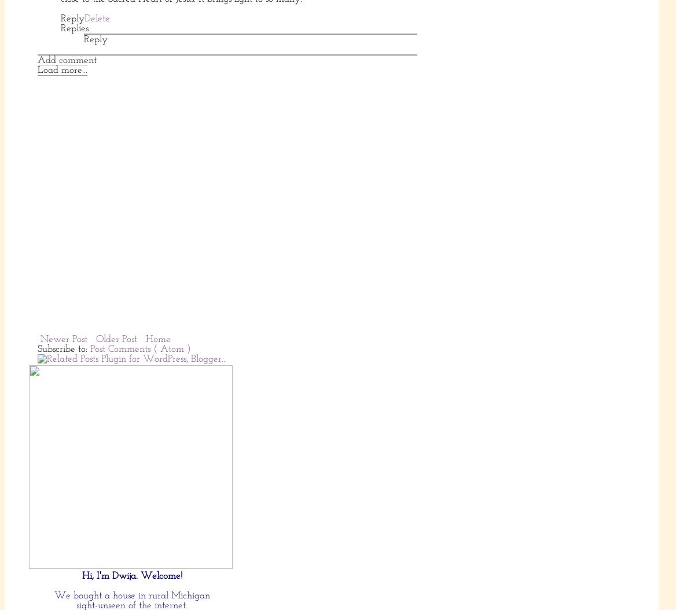 The height and width of the screenshot is (610, 676). Describe the element at coordinates (84, 18) in the screenshot. I see `'Delete'` at that location.